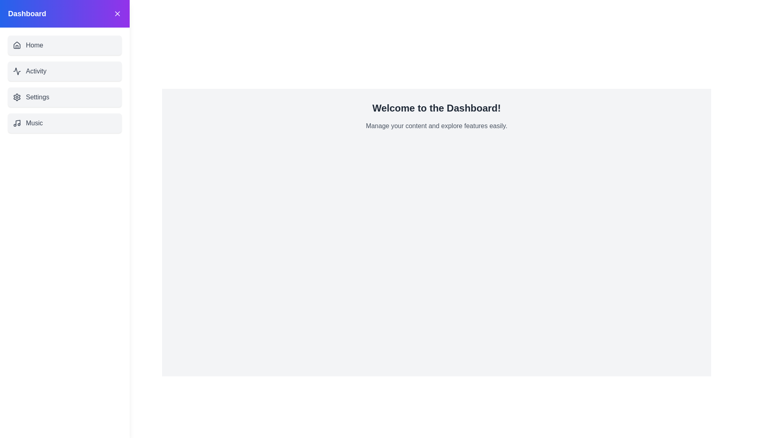 This screenshot has width=778, height=438. Describe the element at coordinates (64, 71) in the screenshot. I see `the menu item labeled Activity to navigate to the corresponding section` at that location.